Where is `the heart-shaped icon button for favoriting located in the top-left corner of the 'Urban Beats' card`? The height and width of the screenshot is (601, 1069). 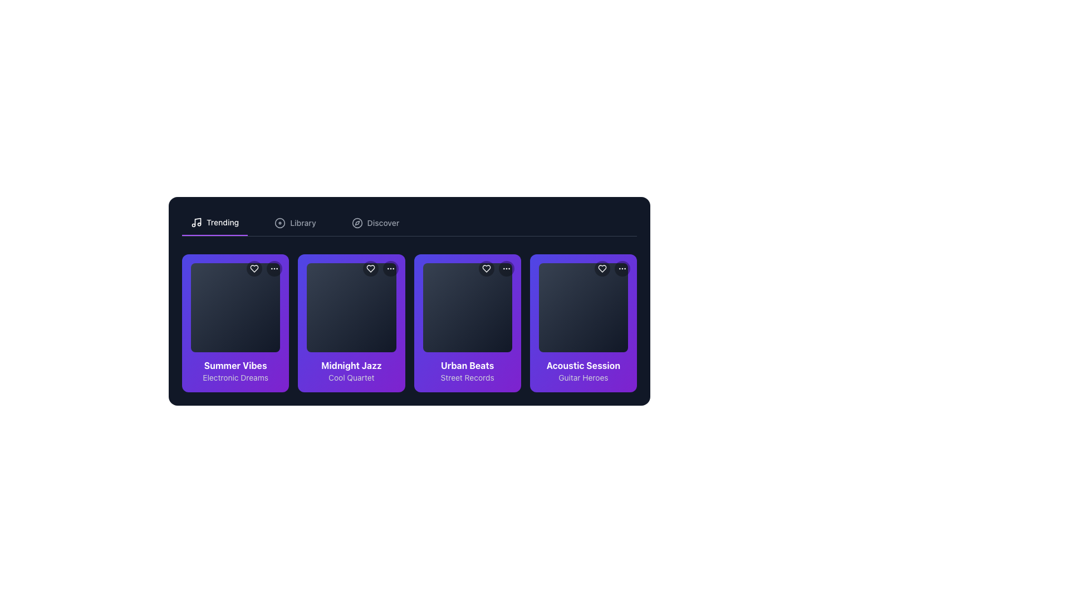
the heart-shaped icon button for favoriting located in the top-left corner of the 'Urban Beats' card is located at coordinates (486, 268).